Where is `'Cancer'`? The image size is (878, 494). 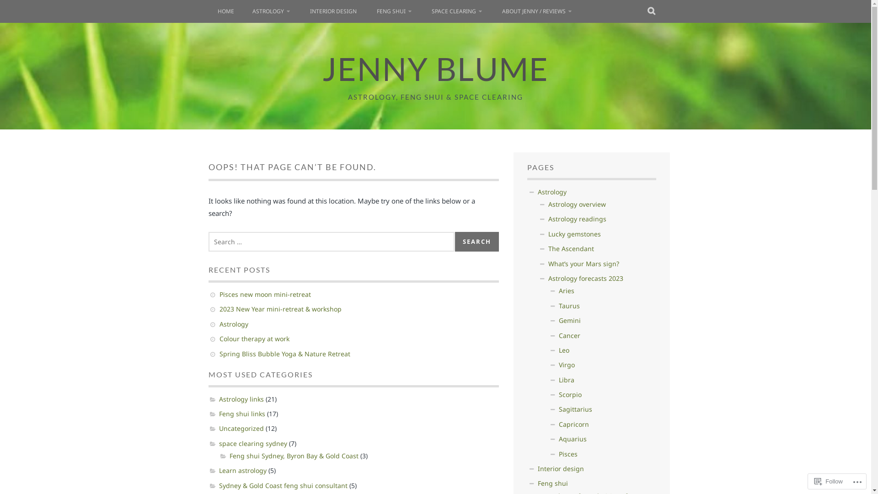 'Cancer' is located at coordinates (569, 335).